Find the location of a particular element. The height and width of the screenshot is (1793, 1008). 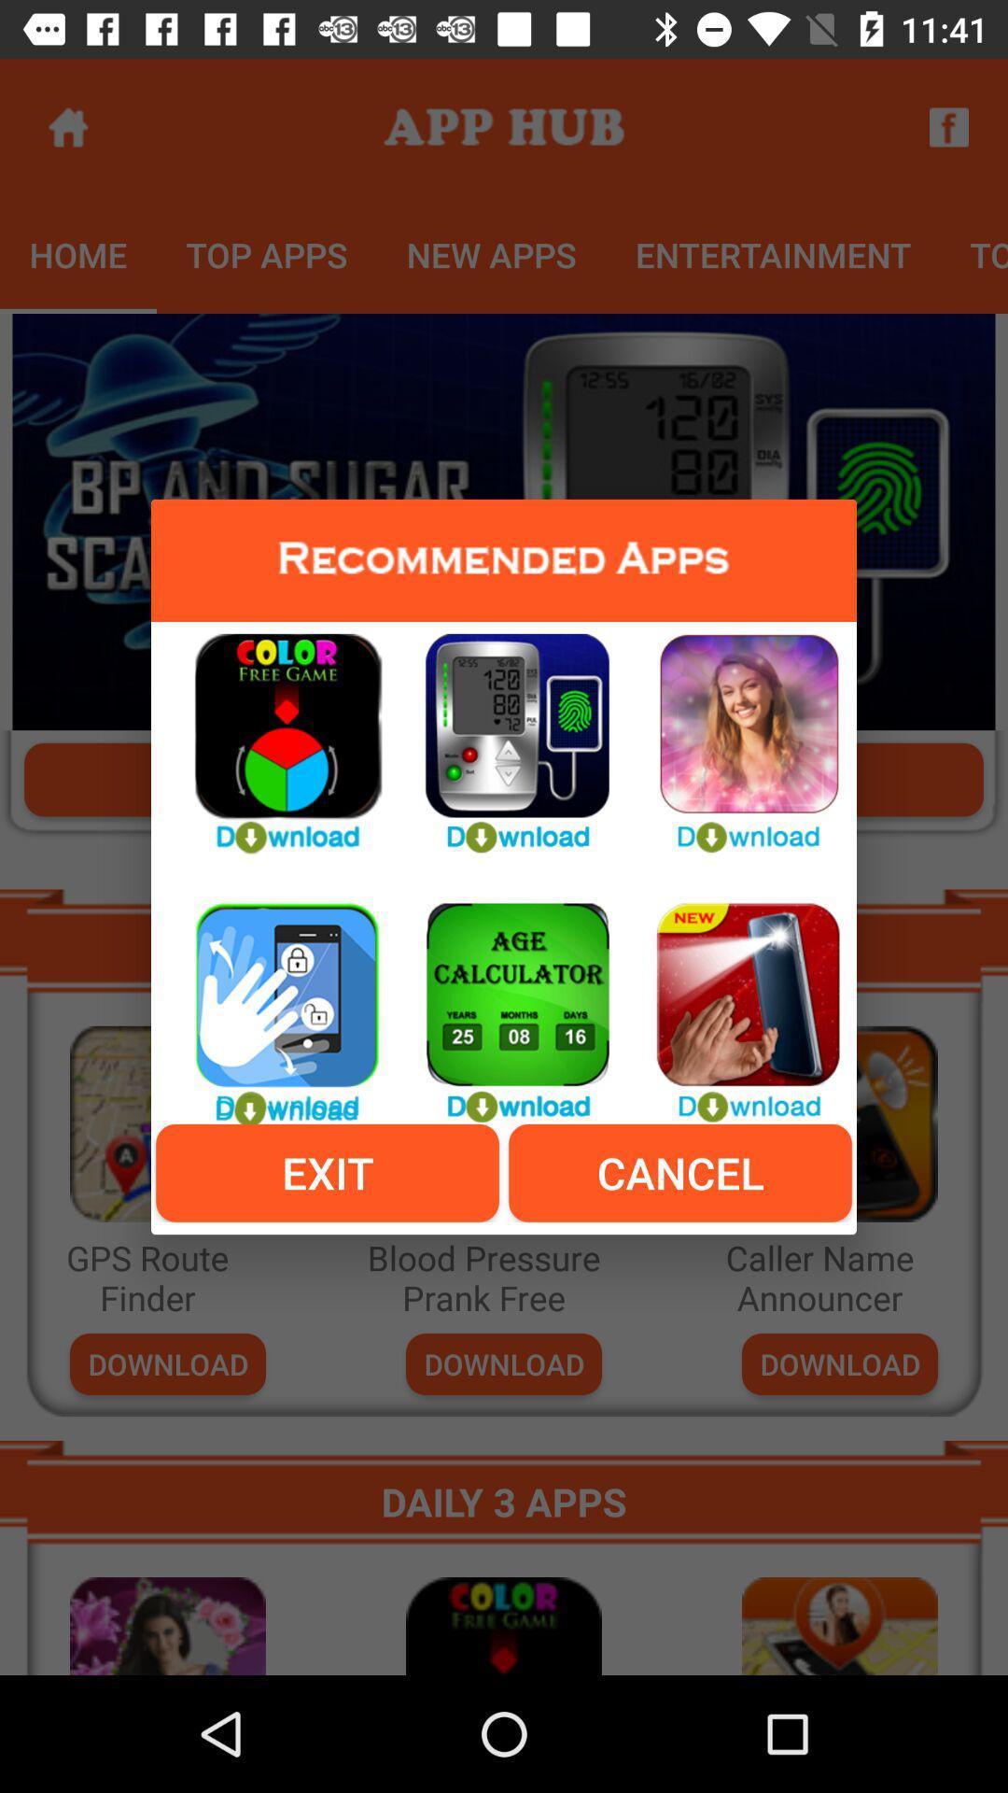

to calculate is located at coordinates (504, 1001).